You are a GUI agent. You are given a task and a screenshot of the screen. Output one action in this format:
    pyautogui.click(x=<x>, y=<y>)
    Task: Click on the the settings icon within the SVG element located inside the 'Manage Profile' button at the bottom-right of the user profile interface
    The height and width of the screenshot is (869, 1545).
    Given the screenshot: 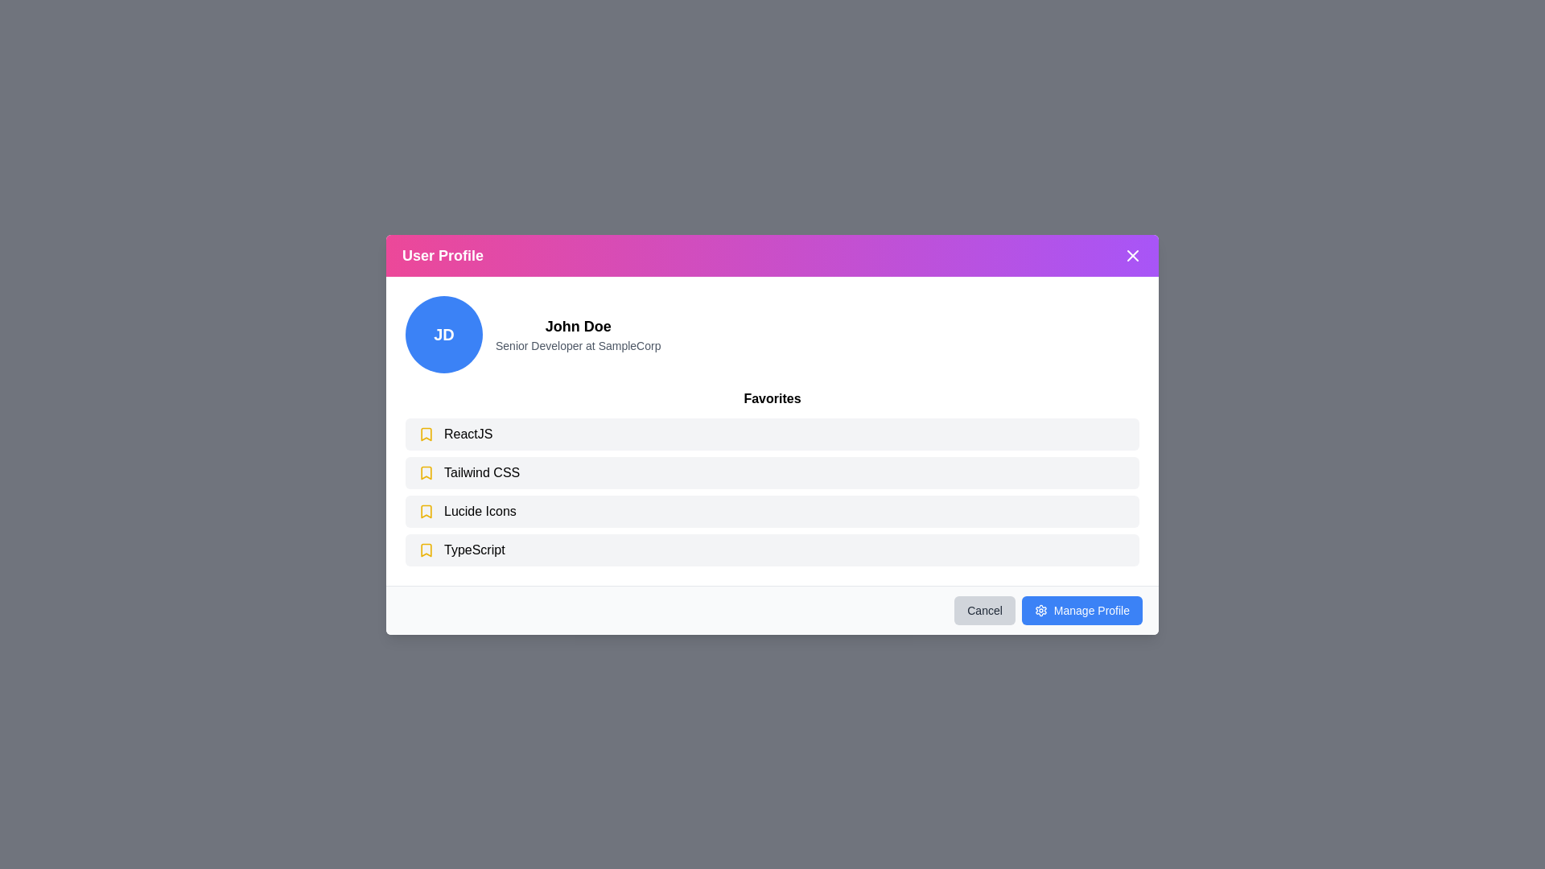 What is the action you would take?
    pyautogui.click(x=1040, y=610)
    